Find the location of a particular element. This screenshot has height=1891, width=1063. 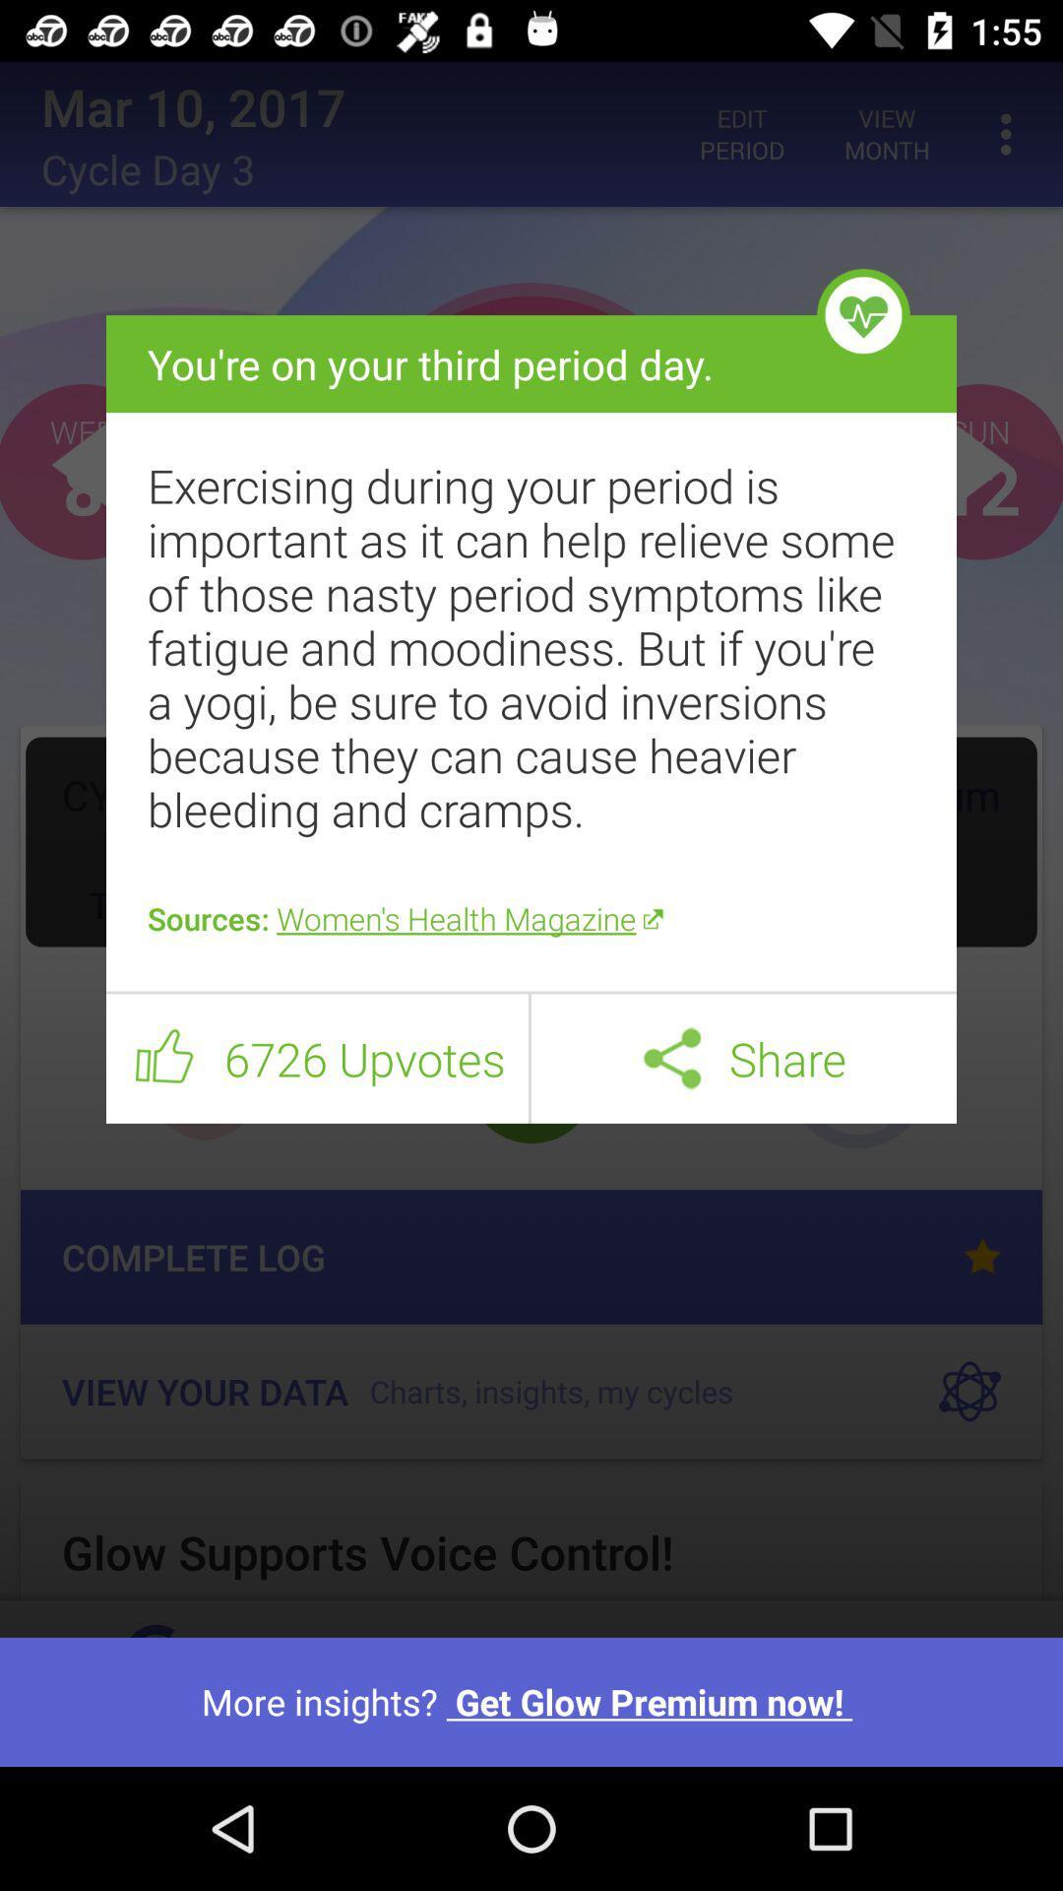

the exercising during your is located at coordinates (531, 647).